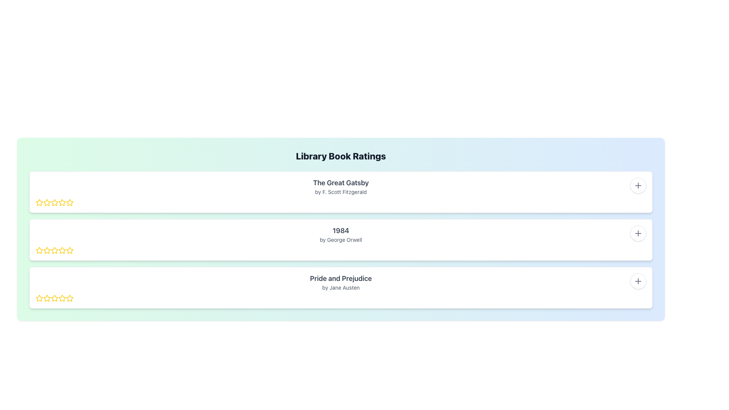  I want to click on the text label displaying the author's name for the book 'Pride and Prejudice', which is located below the title and above the star rating icons, so click(340, 288).